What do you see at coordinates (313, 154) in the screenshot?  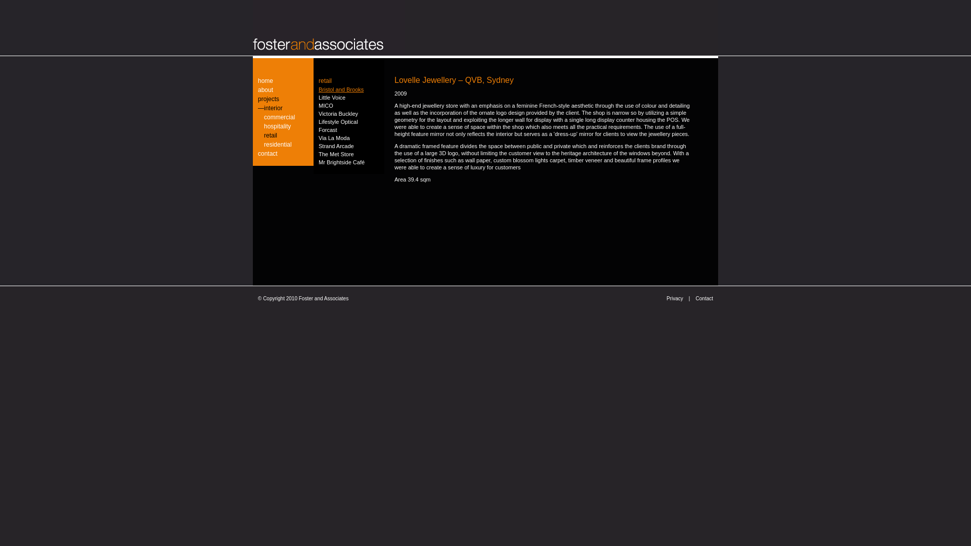 I see `'The Met Store'` at bounding box center [313, 154].